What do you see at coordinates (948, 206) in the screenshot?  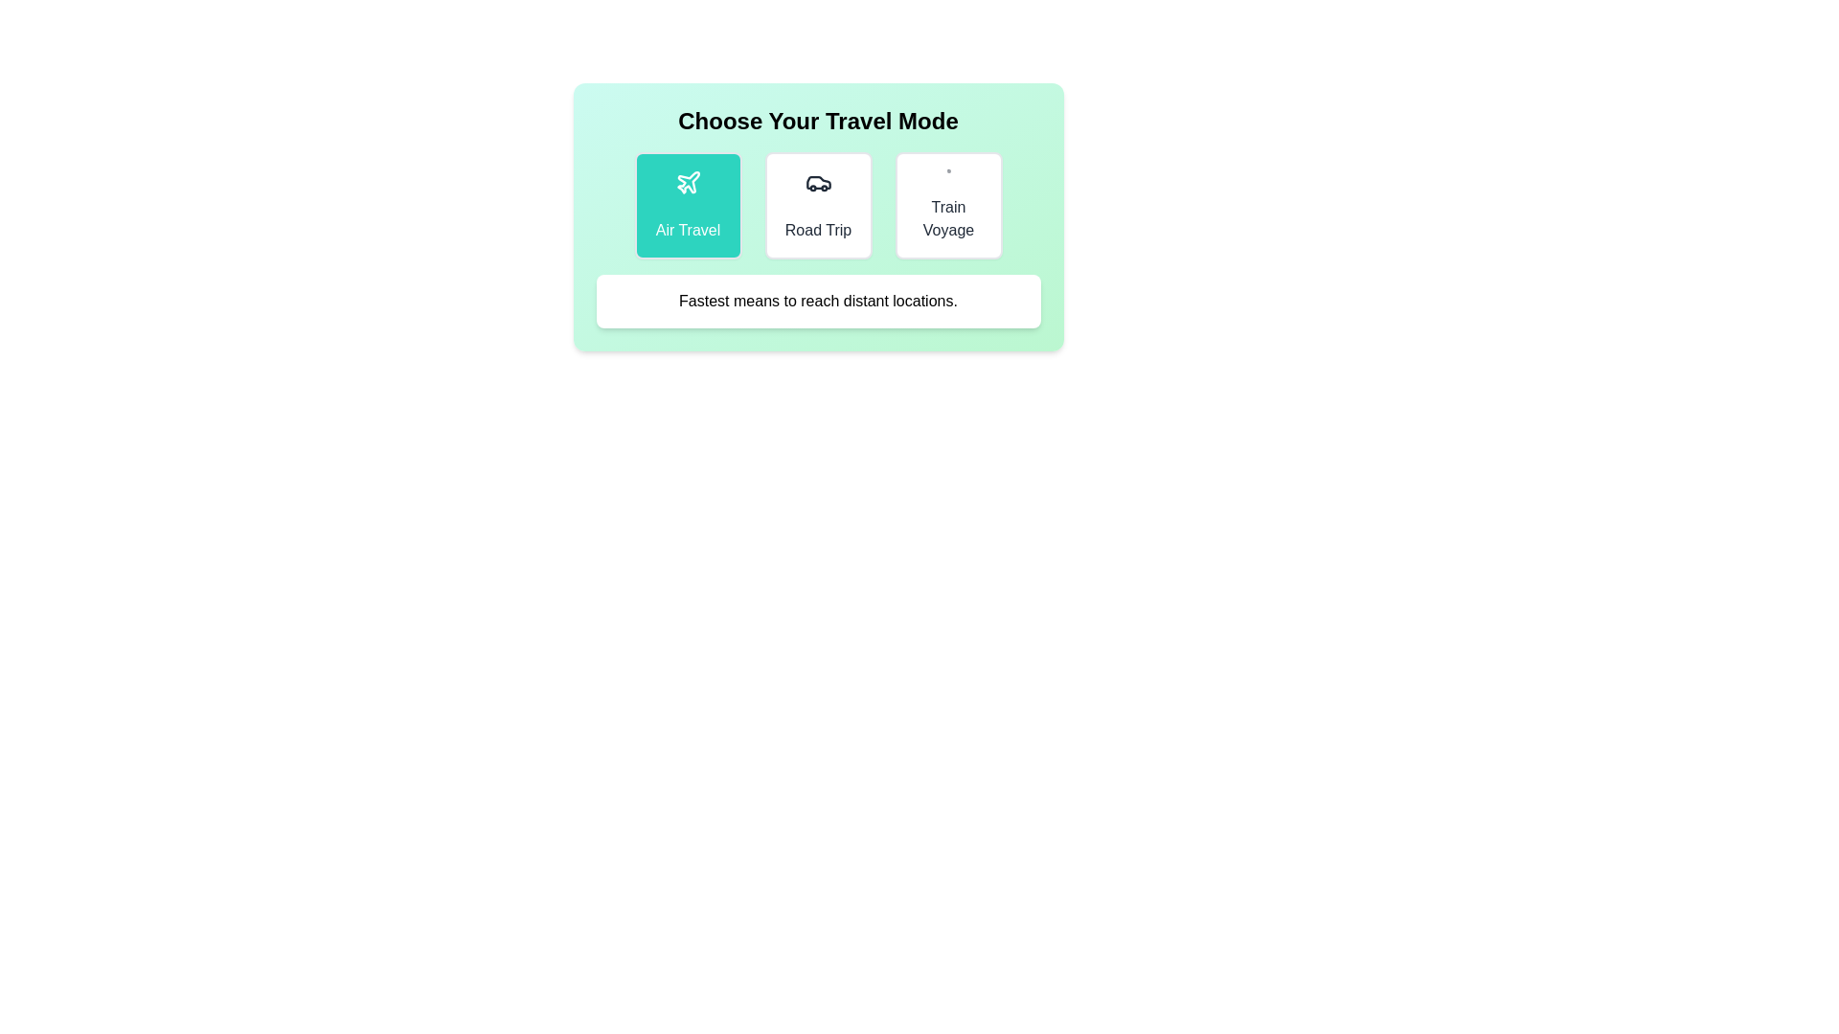 I see `the travel mode Train Voyage to observe the visual styling changes` at bounding box center [948, 206].